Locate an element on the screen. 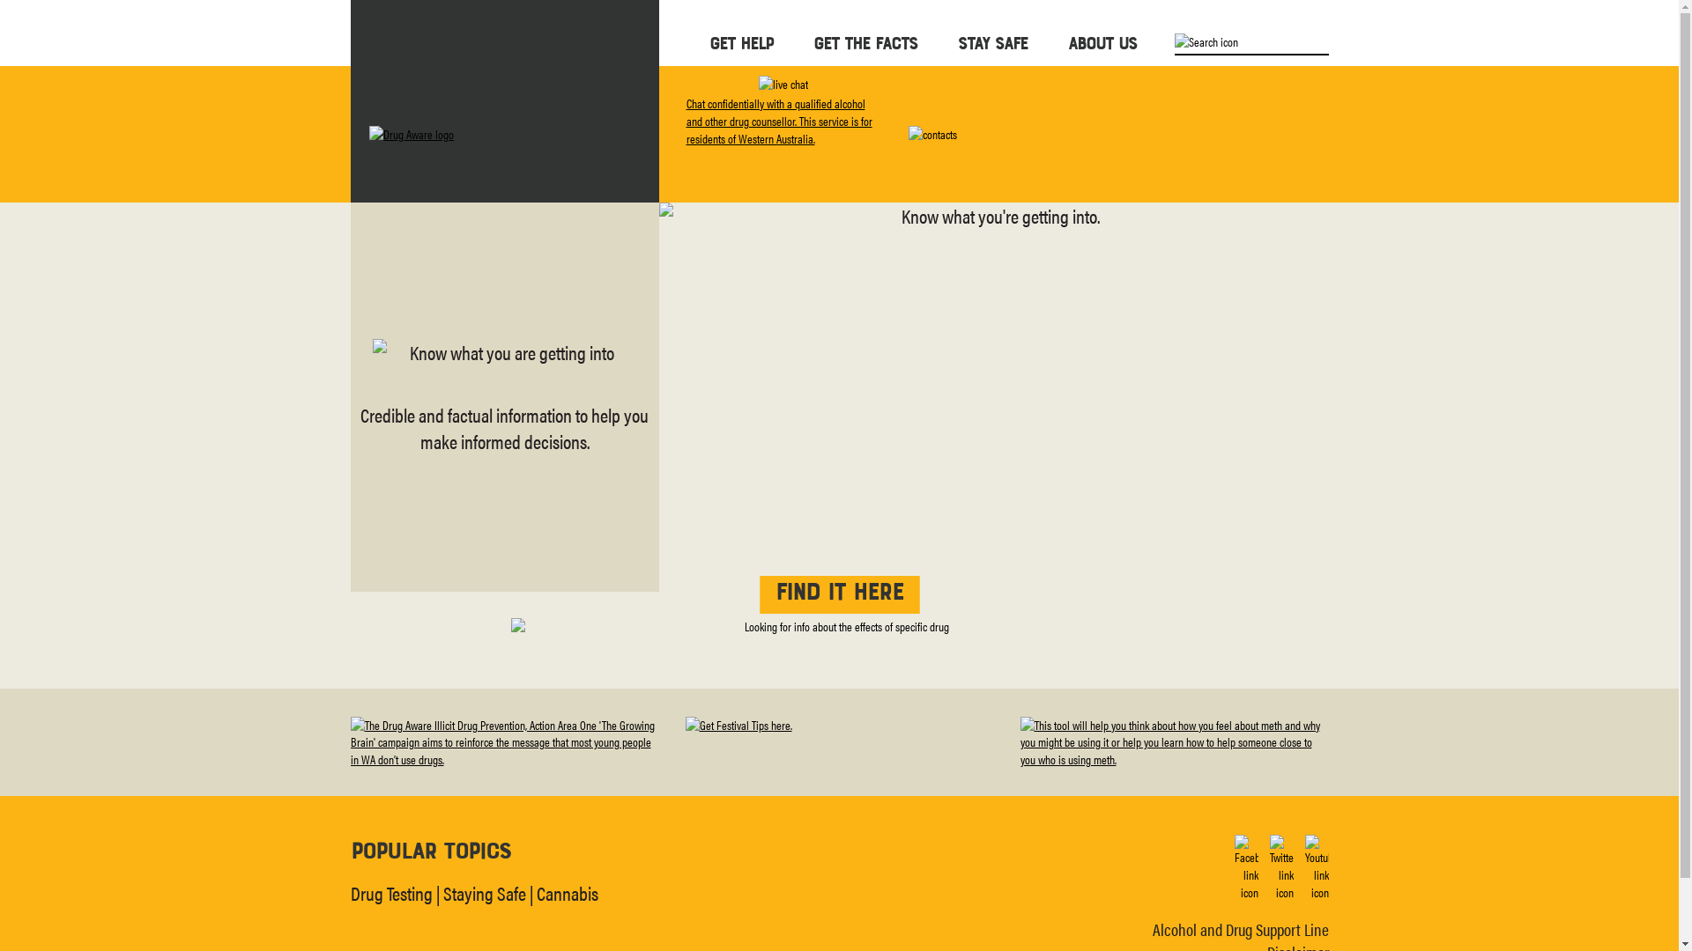 The height and width of the screenshot is (951, 1692). 'Drug Testing' is located at coordinates (390, 892).